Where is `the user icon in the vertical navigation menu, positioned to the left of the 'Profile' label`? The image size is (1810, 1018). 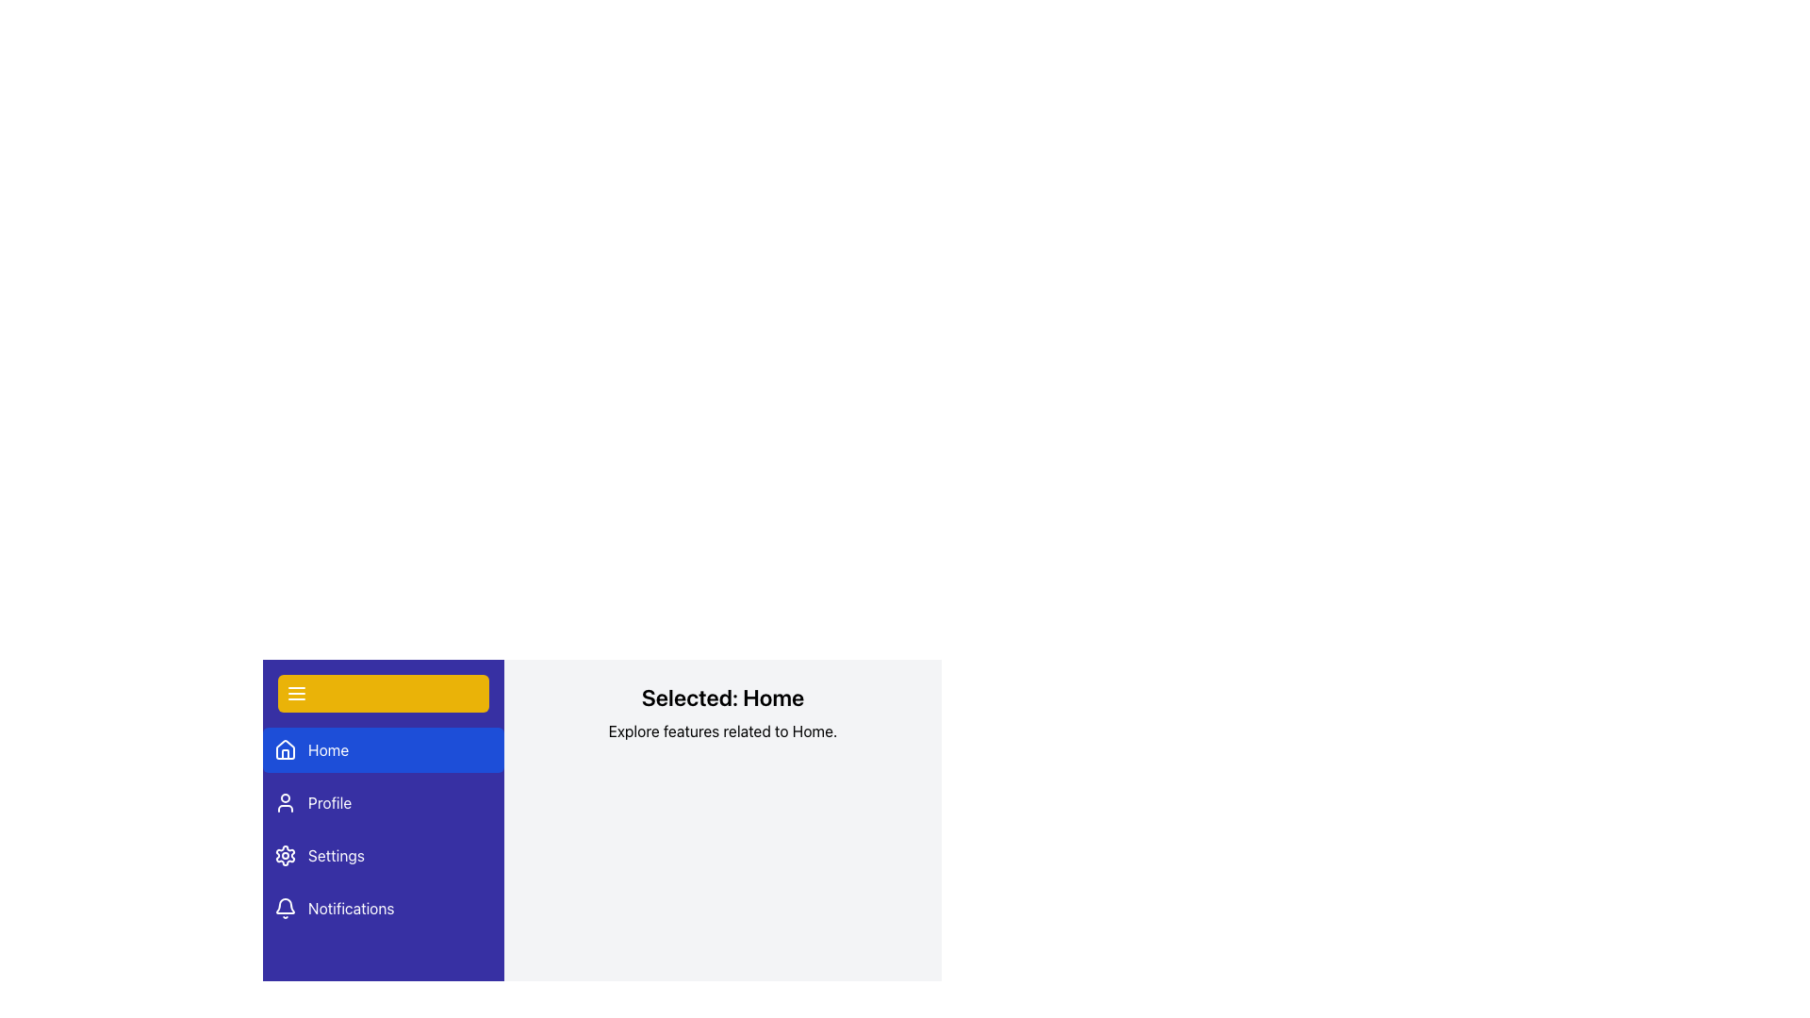 the user icon in the vertical navigation menu, positioned to the left of the 'Profile' label is located at coordinates (284, 803).